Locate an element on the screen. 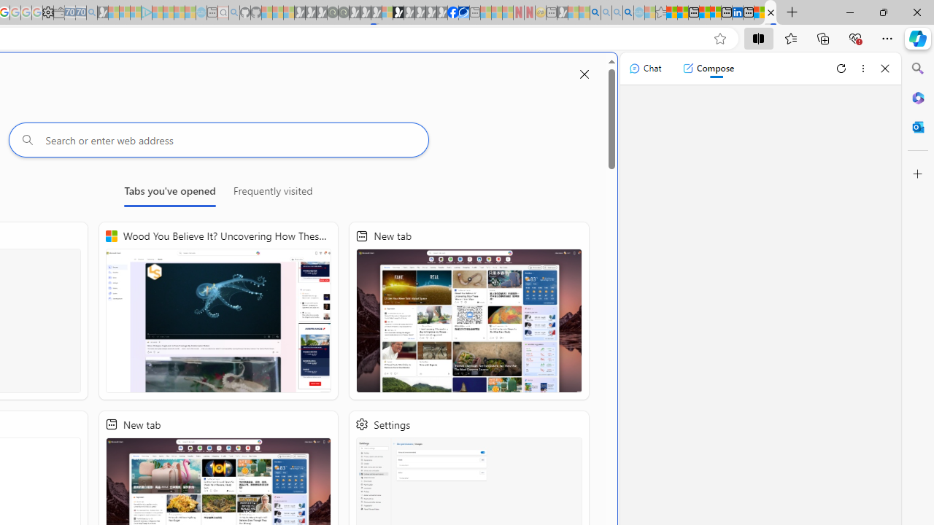 The height and width of the screenshot is (525, 934). 'AQI & Health | AirNow.gov' is located at coordinates (463, 12).